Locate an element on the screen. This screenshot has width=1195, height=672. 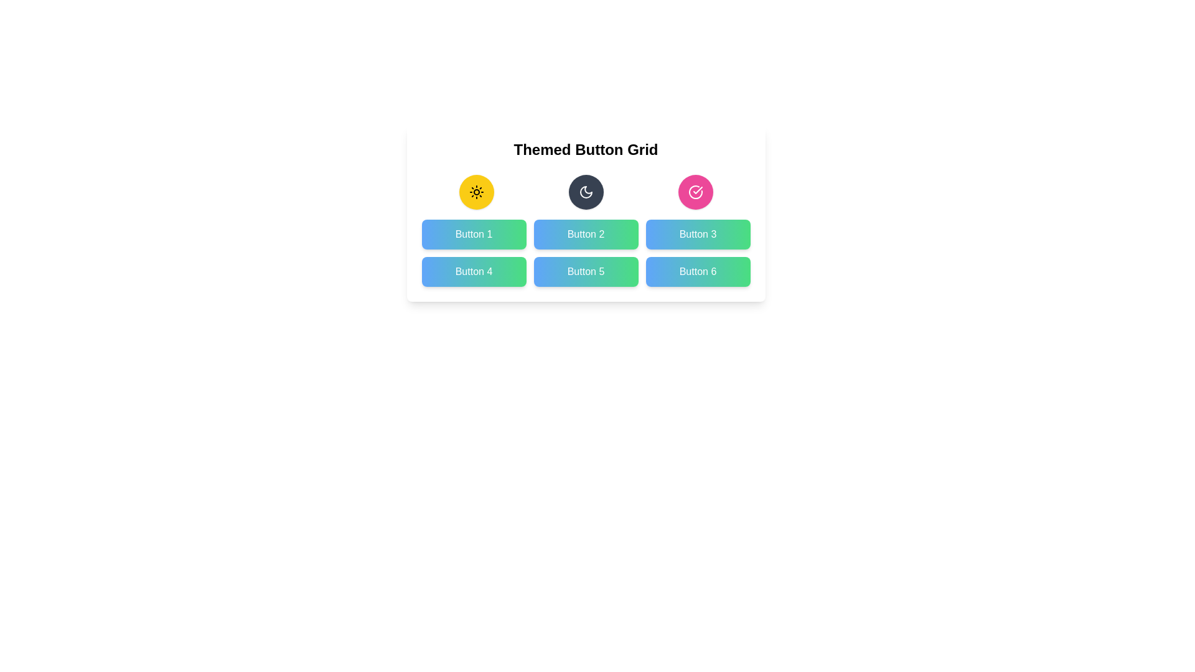
the crescent moon icon is located at coordinates (585, 192).